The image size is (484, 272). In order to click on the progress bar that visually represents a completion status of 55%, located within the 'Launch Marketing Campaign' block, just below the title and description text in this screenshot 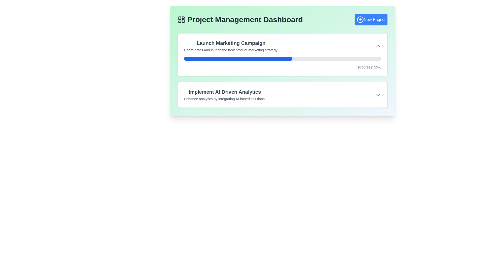, I will do `click(283, 58)`.